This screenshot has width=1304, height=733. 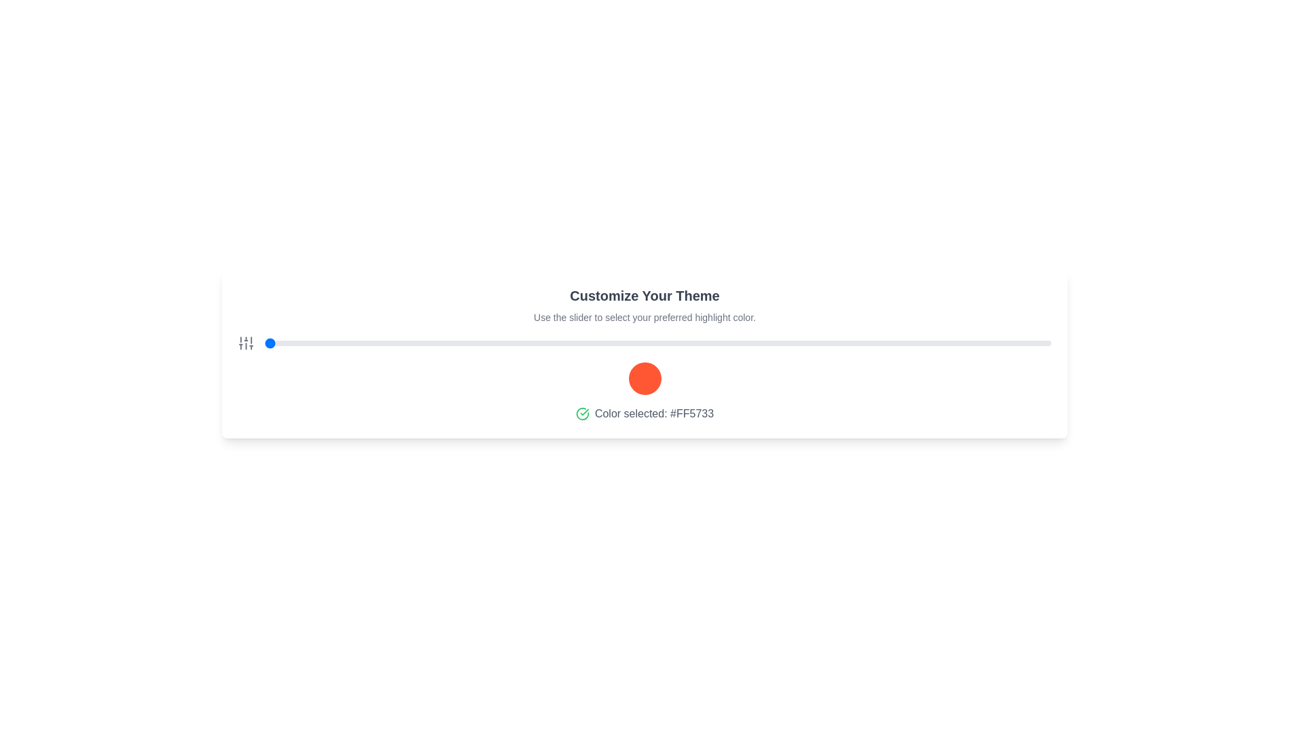 I want to click on the slider, so click(x=655, y=342).